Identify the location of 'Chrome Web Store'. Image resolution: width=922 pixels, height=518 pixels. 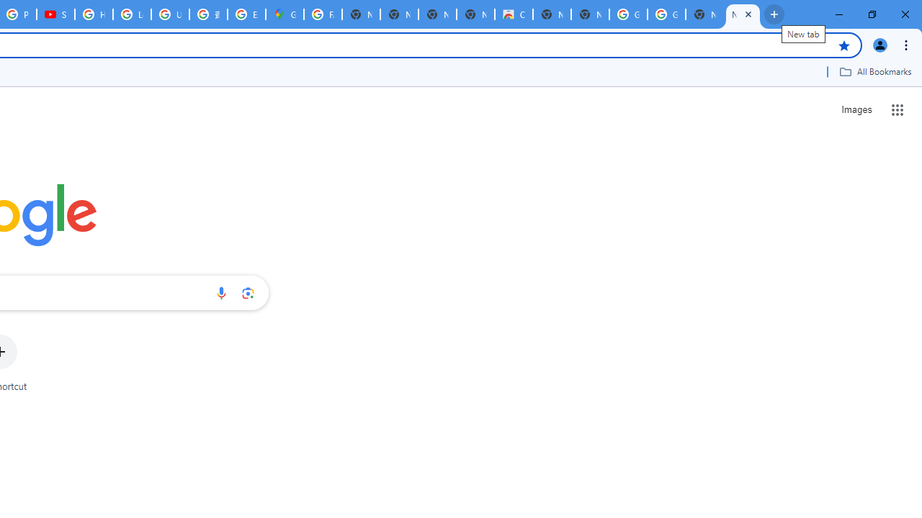
(514, 14).